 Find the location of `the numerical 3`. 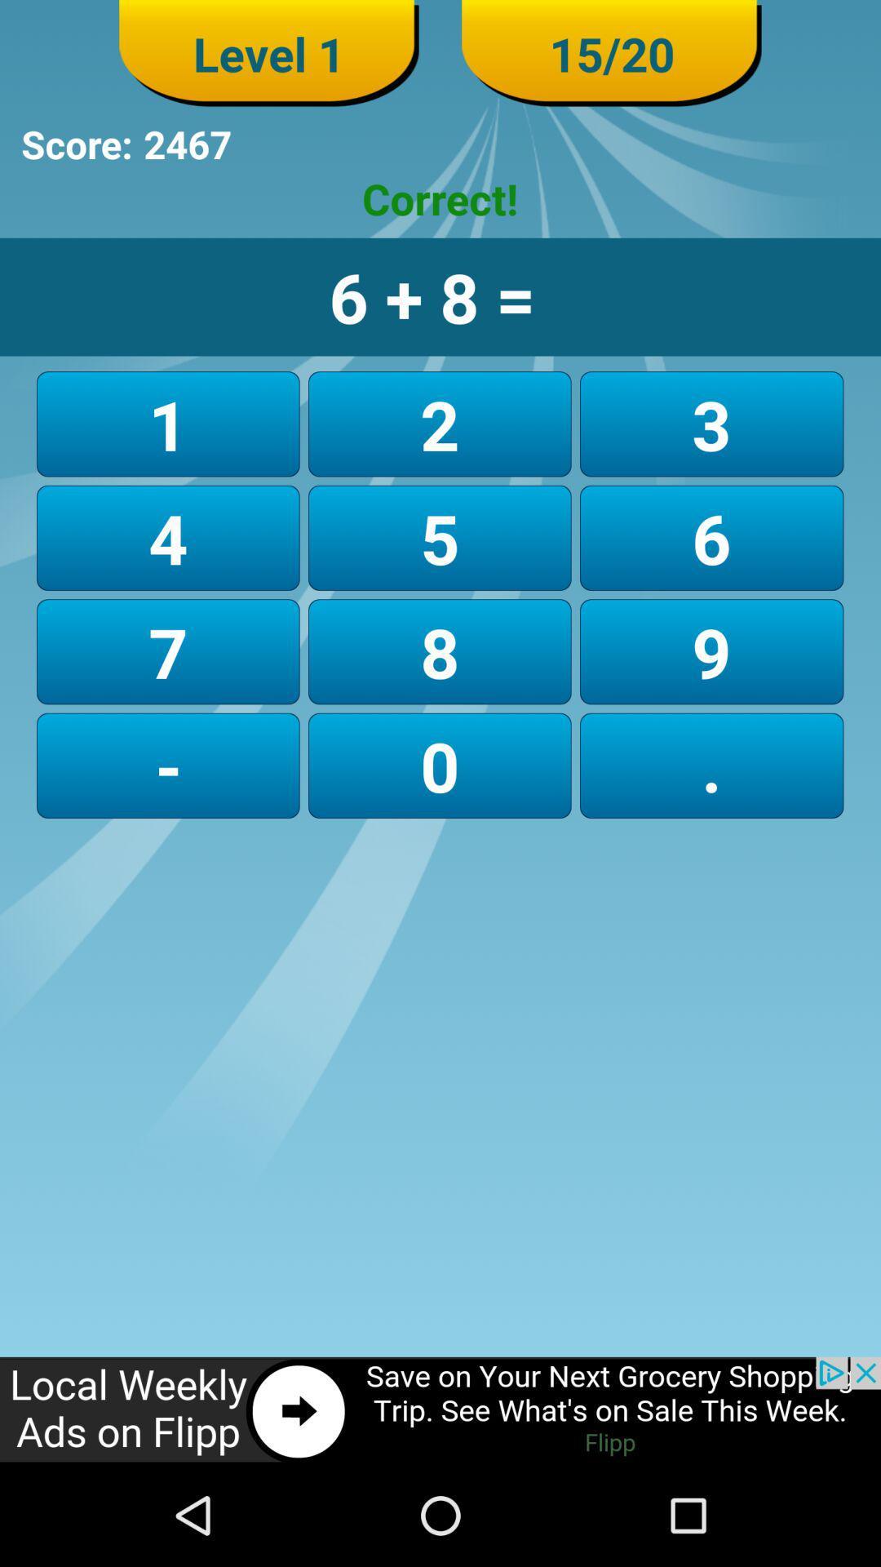

the numerical 3 is located at coordinates (711, 424).